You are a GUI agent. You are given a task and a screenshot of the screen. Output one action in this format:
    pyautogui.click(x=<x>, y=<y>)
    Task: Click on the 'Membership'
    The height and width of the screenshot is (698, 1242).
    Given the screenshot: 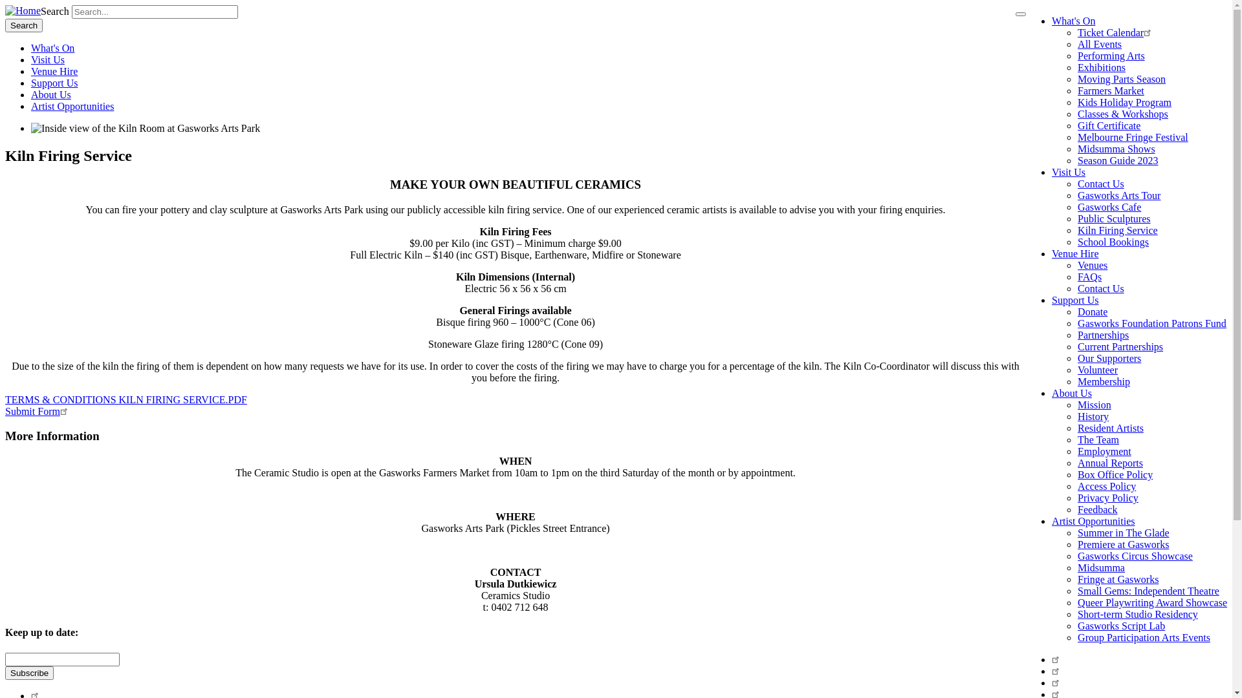 What is the action you would take?
    pyautogui.click(x=1103, y=381)
    